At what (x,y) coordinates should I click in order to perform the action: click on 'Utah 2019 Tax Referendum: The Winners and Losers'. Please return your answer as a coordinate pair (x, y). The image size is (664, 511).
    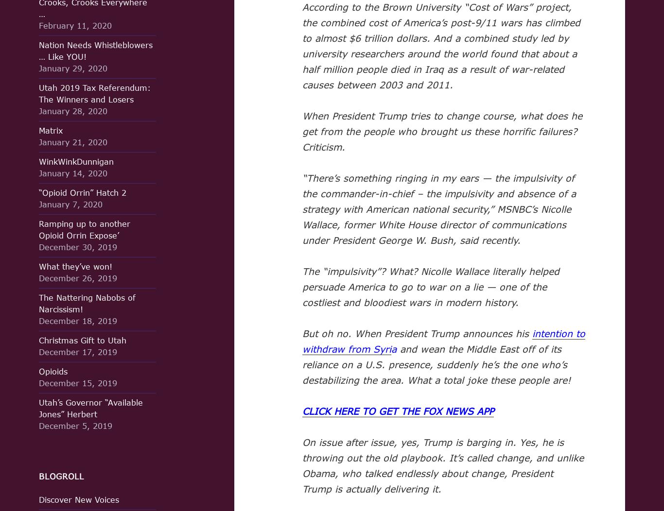
    Looking at the image, I should click on (39, 93).